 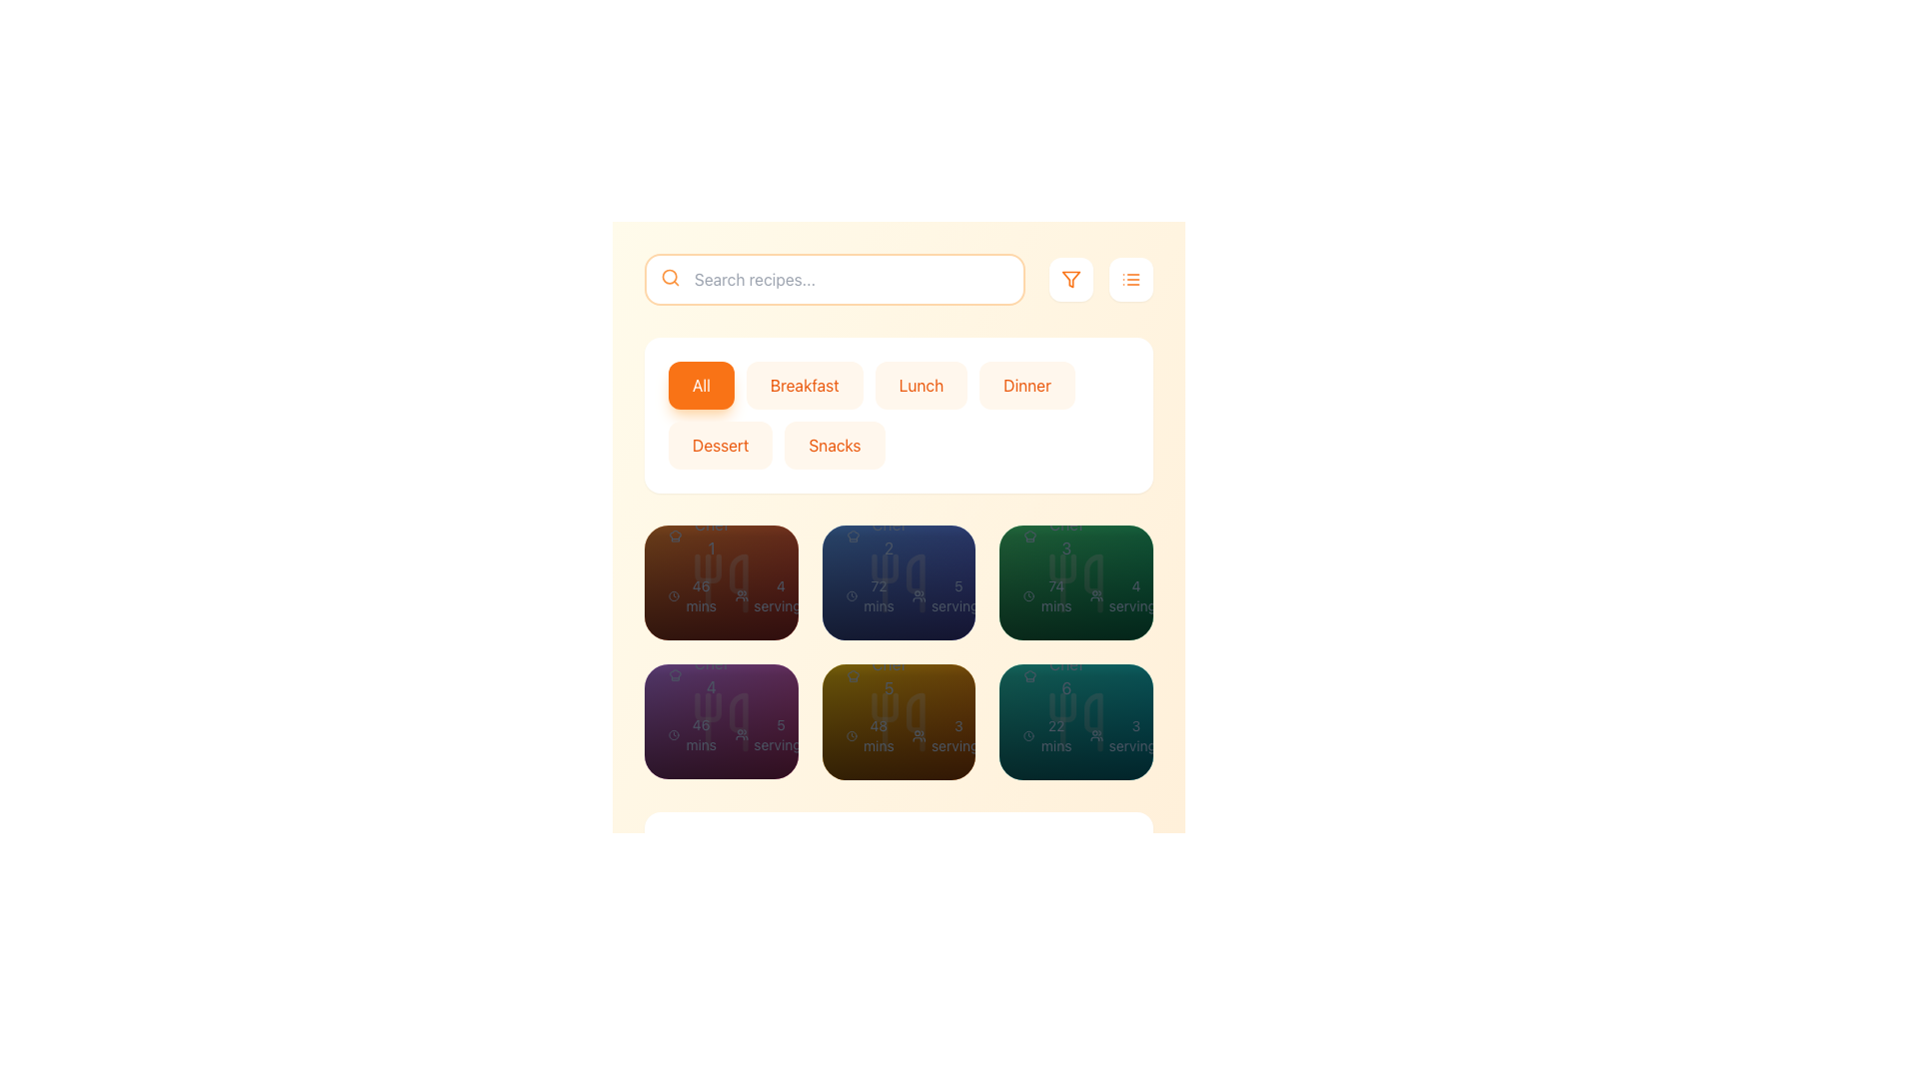 What do you see at coordinates (720, 582) in the screenshot?
I see `the recipe card with a gradient background transitioning from orange to red, which displays '46 mins' and '4 servings' below a centered utensils icon, located in the top left corner of the layout's grid` at bounding box center [720, 582].